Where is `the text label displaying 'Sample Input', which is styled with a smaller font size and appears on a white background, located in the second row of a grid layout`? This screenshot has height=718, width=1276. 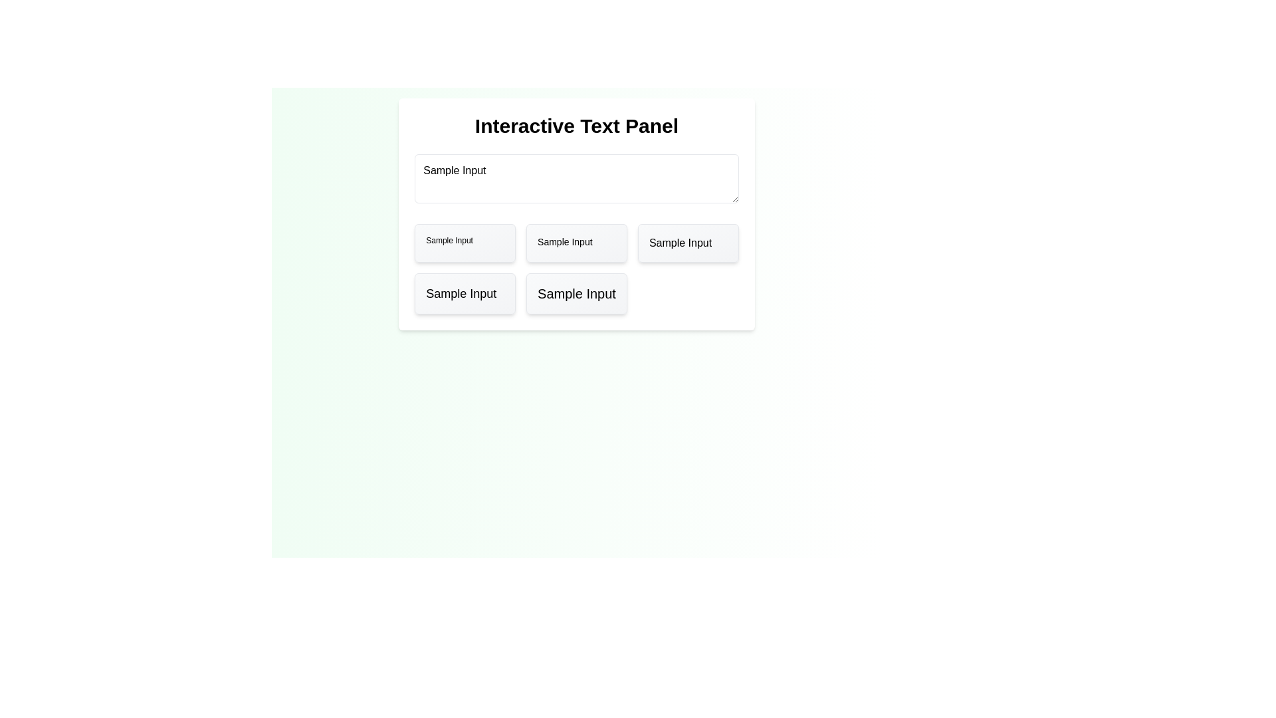
the text label displaying 'Sample Input', which is styled with a smaller font size and appears on a white background, located in the second row of a grid layout is located at coordinates (565, 243).